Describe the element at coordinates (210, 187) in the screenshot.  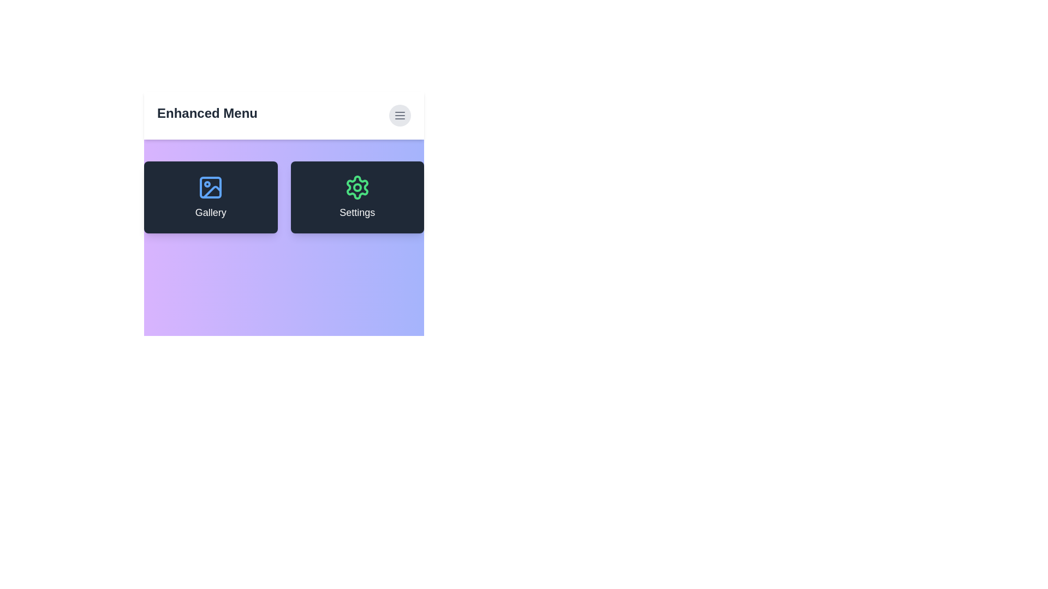
I see `the 'Gallery' icon to observe any visual feedback` at that location.